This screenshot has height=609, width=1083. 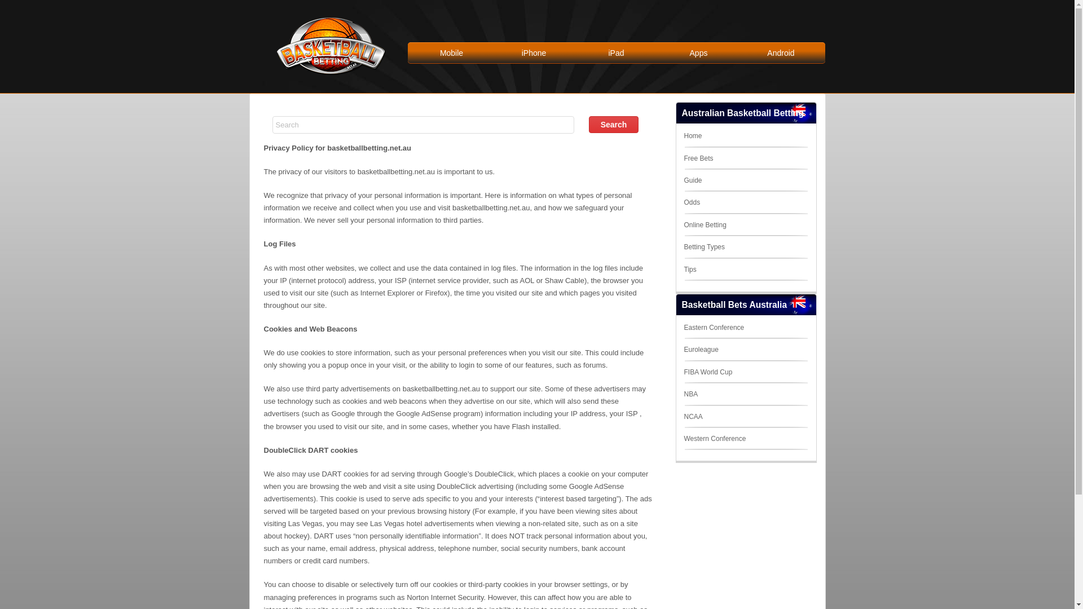 I want to click on 'Apps', so click(x=698, y=52).